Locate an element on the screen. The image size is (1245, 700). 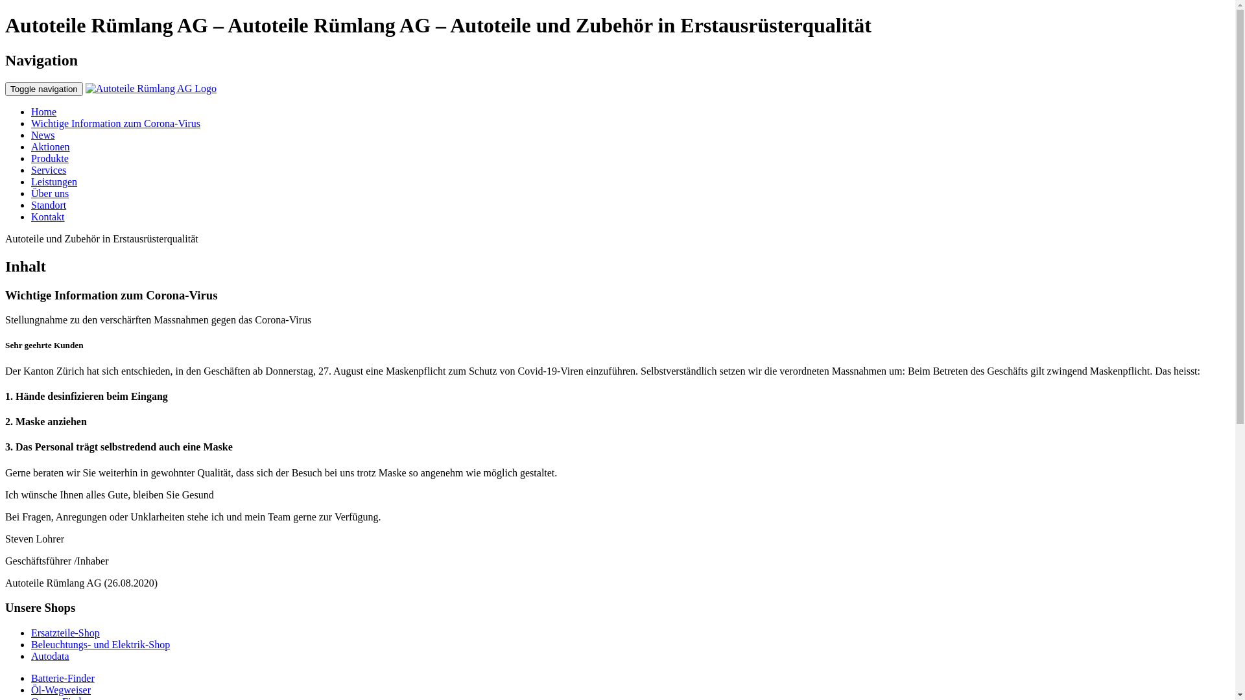
'Kontakt' is located at coordinates (47, 216).